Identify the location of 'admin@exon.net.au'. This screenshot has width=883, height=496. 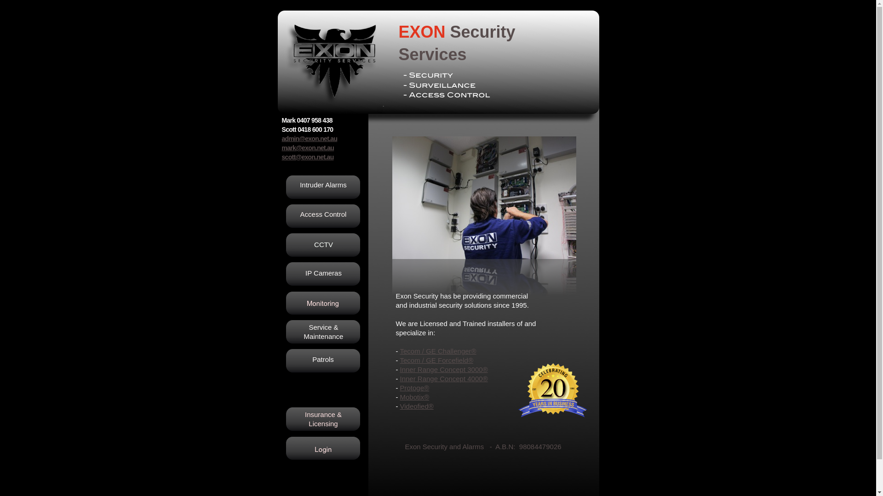
(309, 138).